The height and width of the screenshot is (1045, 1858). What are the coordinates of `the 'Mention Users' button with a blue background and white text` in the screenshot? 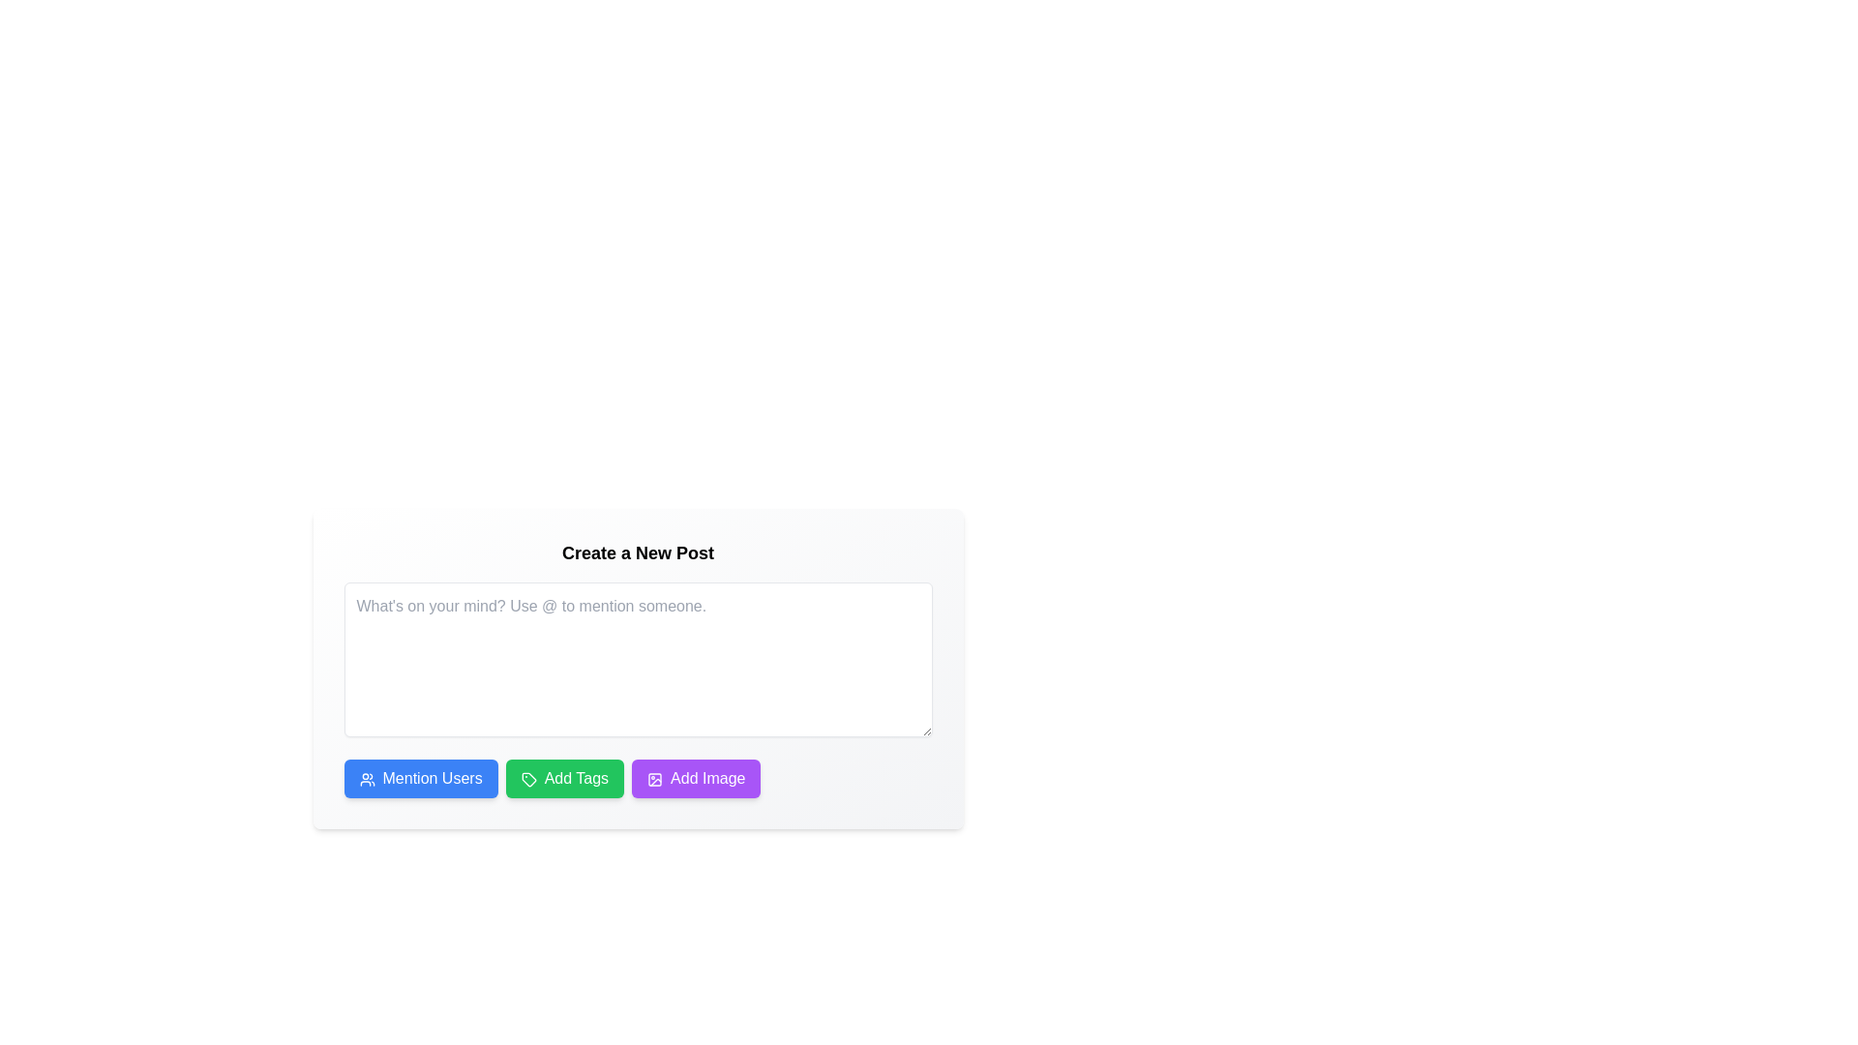 It's located at (420, 778).